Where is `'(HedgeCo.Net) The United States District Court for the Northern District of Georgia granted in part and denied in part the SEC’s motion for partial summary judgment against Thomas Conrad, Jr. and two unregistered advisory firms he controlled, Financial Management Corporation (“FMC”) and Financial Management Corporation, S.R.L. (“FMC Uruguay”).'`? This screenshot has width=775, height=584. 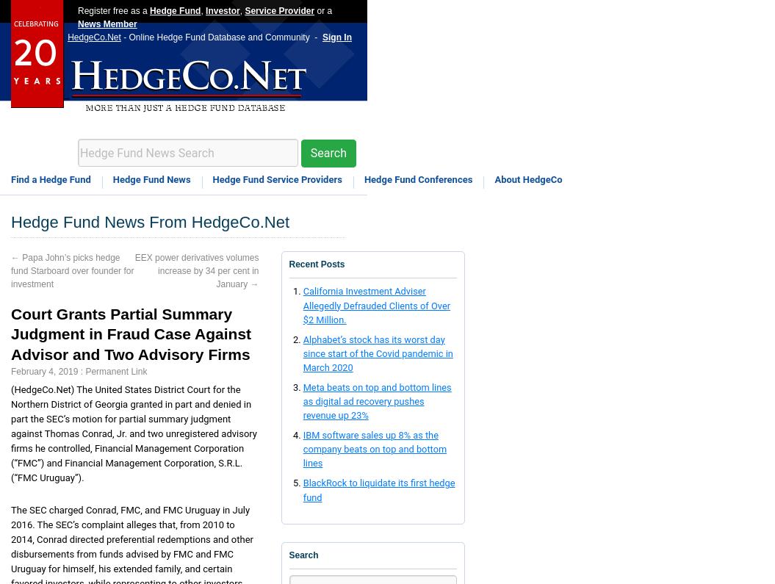 '(HedgeCo.Net) The United States District Court for the Northern District of Georgia granted in part and denied in part the SEC’s motion for partial summary judgment against Thomas Conrad, Jr. and two unregistered advisory firms he controlled, Financial Management Corporation (“FMC”) and Financial Management Corporation, S.R.L. (“FMC Uruguay”).' is located at coordinates (133, 432).